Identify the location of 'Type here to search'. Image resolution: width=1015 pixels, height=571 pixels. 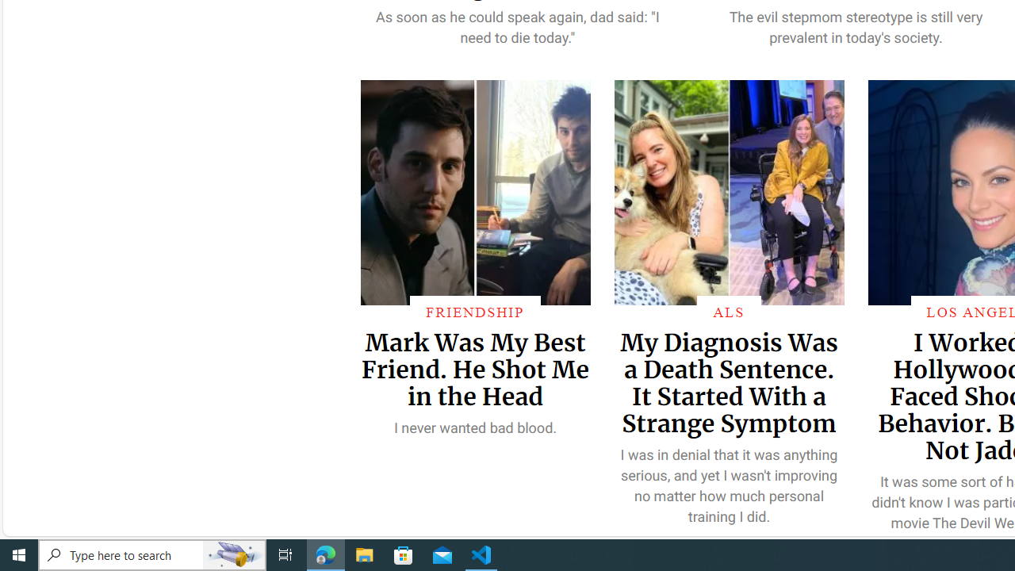
(152, 554).